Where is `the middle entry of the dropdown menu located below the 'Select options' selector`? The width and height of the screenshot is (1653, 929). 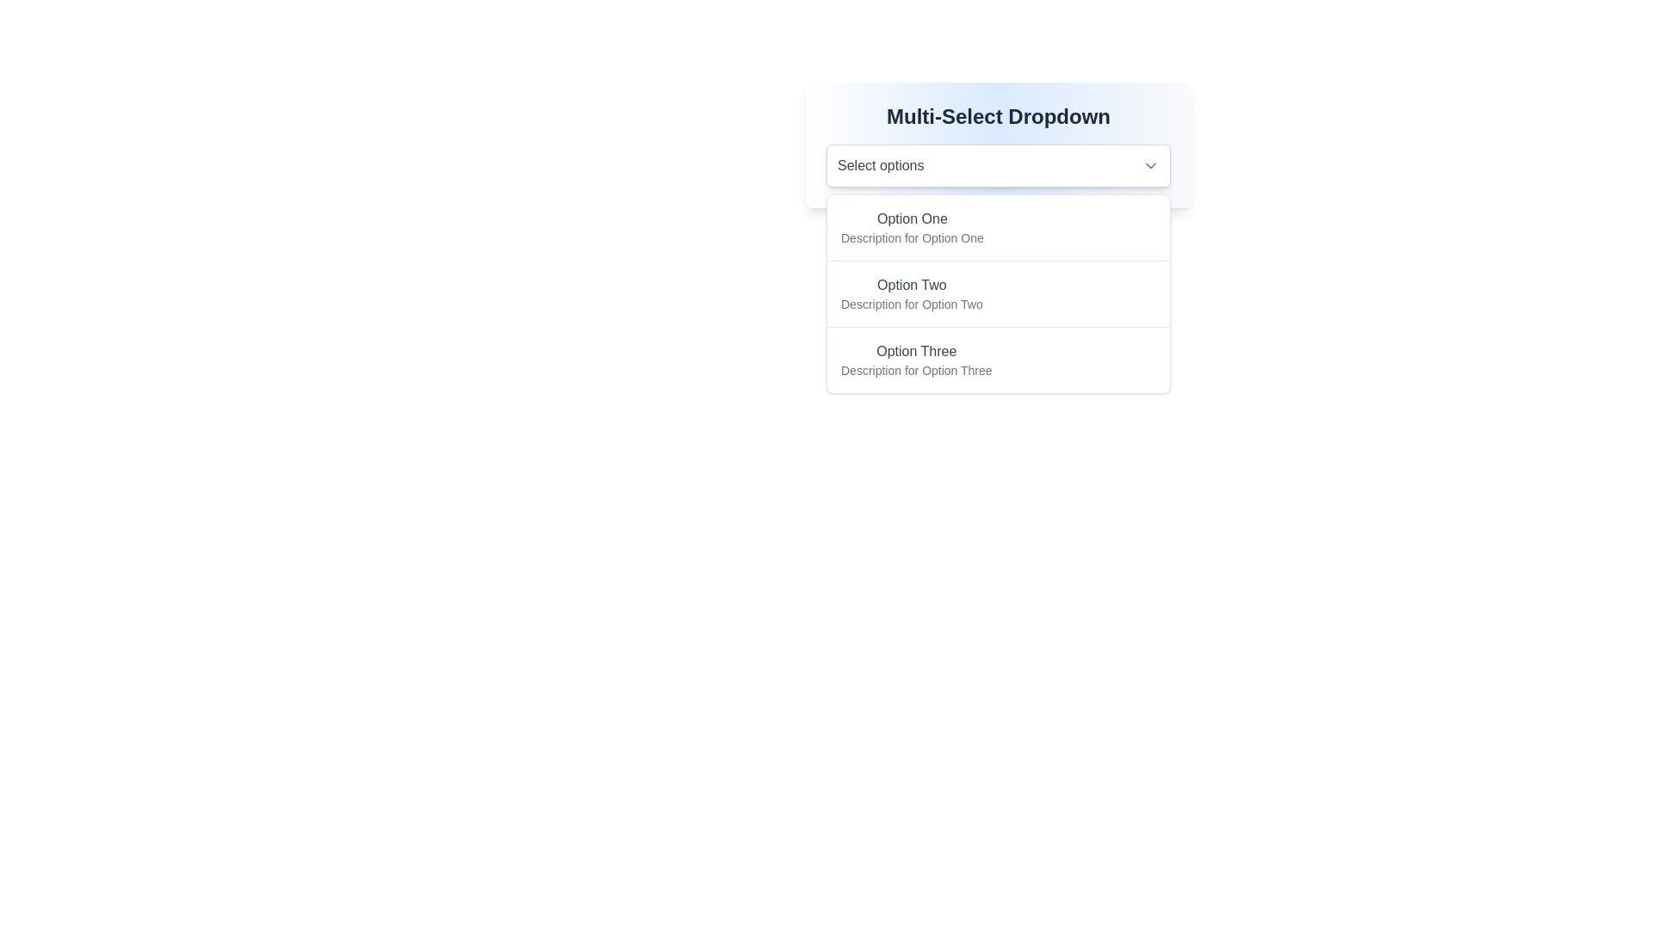
the middle entry of the dropdown menu located below the 'Select options' selector is located at coordinates (999, 293).